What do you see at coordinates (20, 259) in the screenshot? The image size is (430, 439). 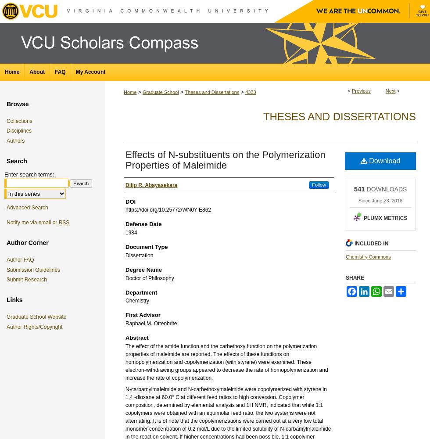 I see `'Author FAQ'` at bounding box center [20, 259].